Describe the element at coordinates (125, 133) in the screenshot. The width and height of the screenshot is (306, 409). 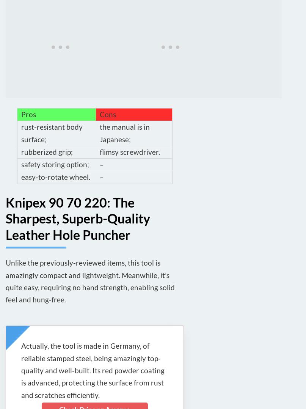
I see `'the manual is in Japanese;'` at that location.